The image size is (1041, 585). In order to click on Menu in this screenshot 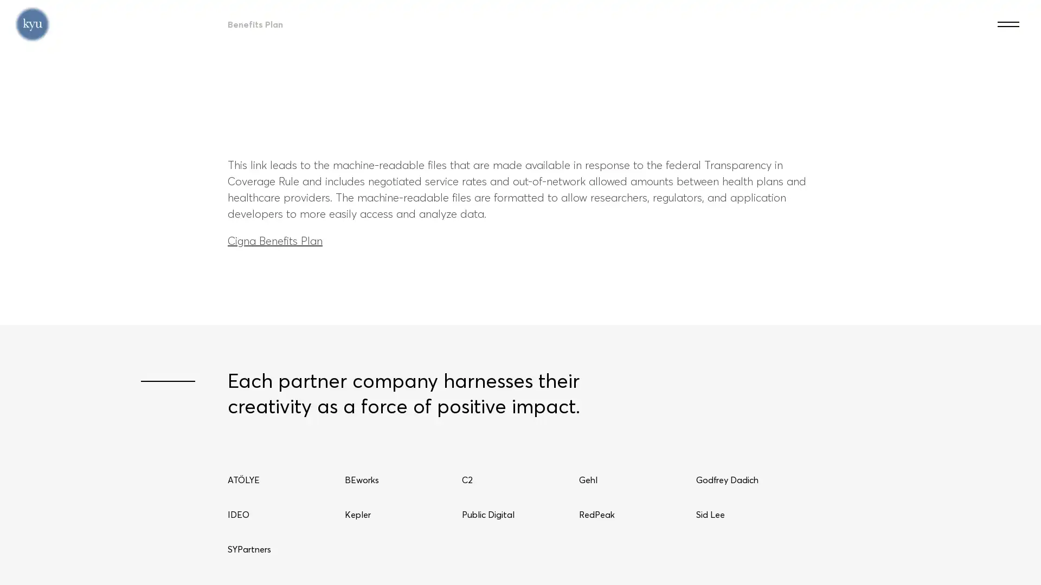, I will do `click(1008, 24)`.